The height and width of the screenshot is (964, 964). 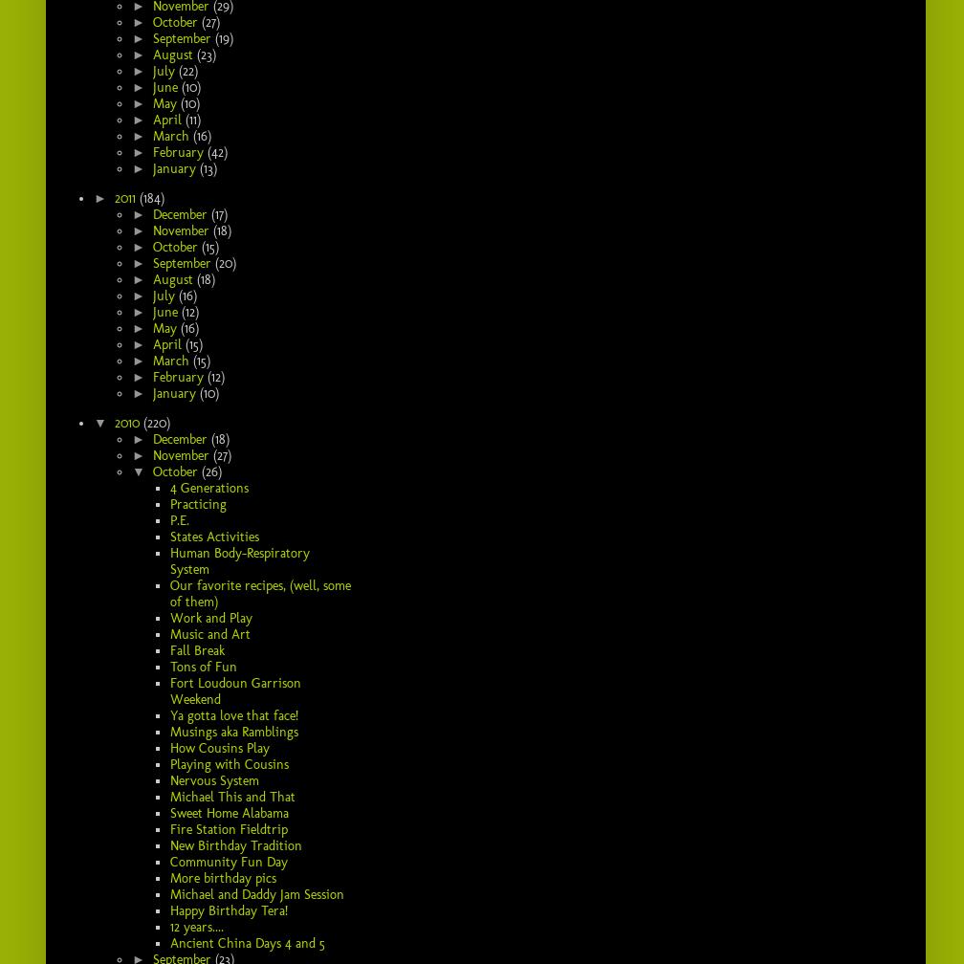 What do you see at coordinates (214, 536) in the screenshot?
I see `'States Activities'` at bounding box center [214, 536].